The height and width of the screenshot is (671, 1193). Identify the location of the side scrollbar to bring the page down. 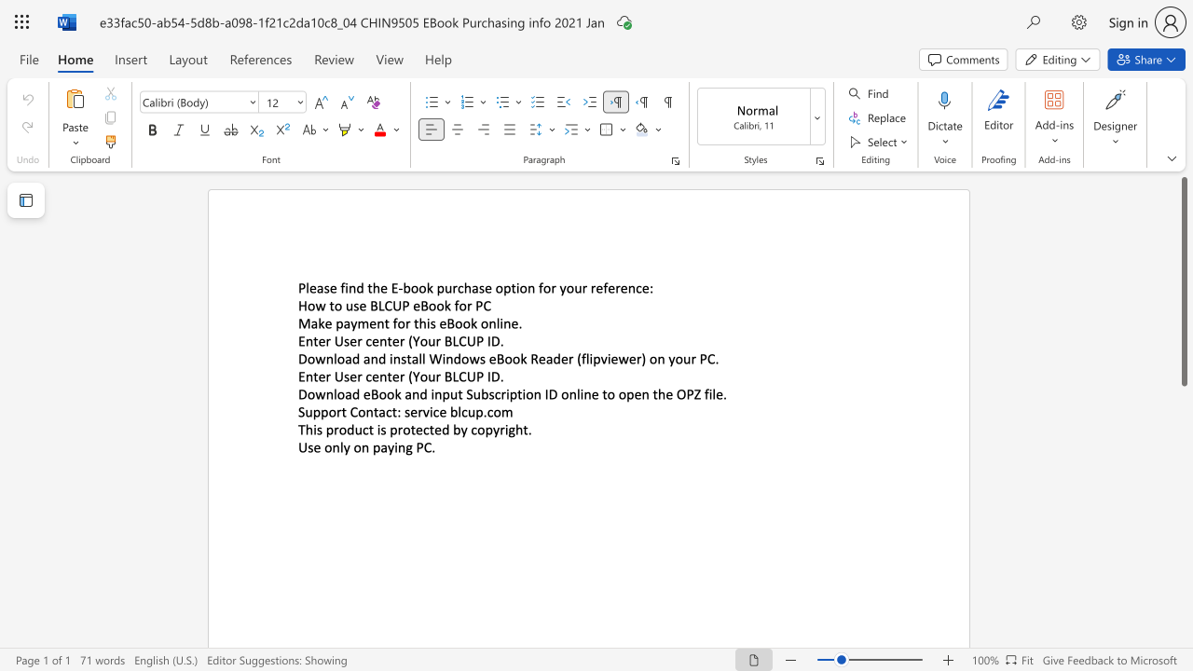
(1183, 408).